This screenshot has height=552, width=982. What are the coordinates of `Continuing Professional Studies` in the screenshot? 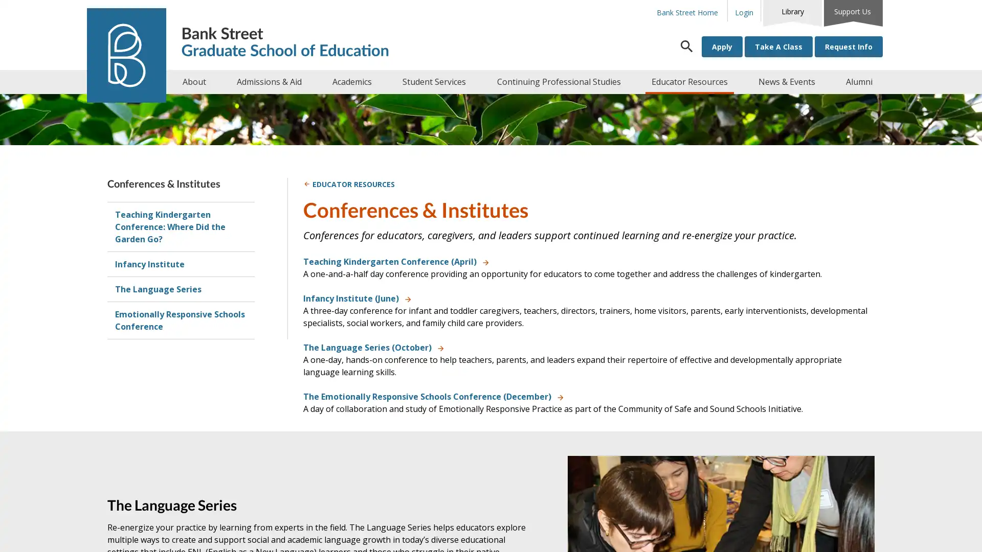 It's located at (557, 81).